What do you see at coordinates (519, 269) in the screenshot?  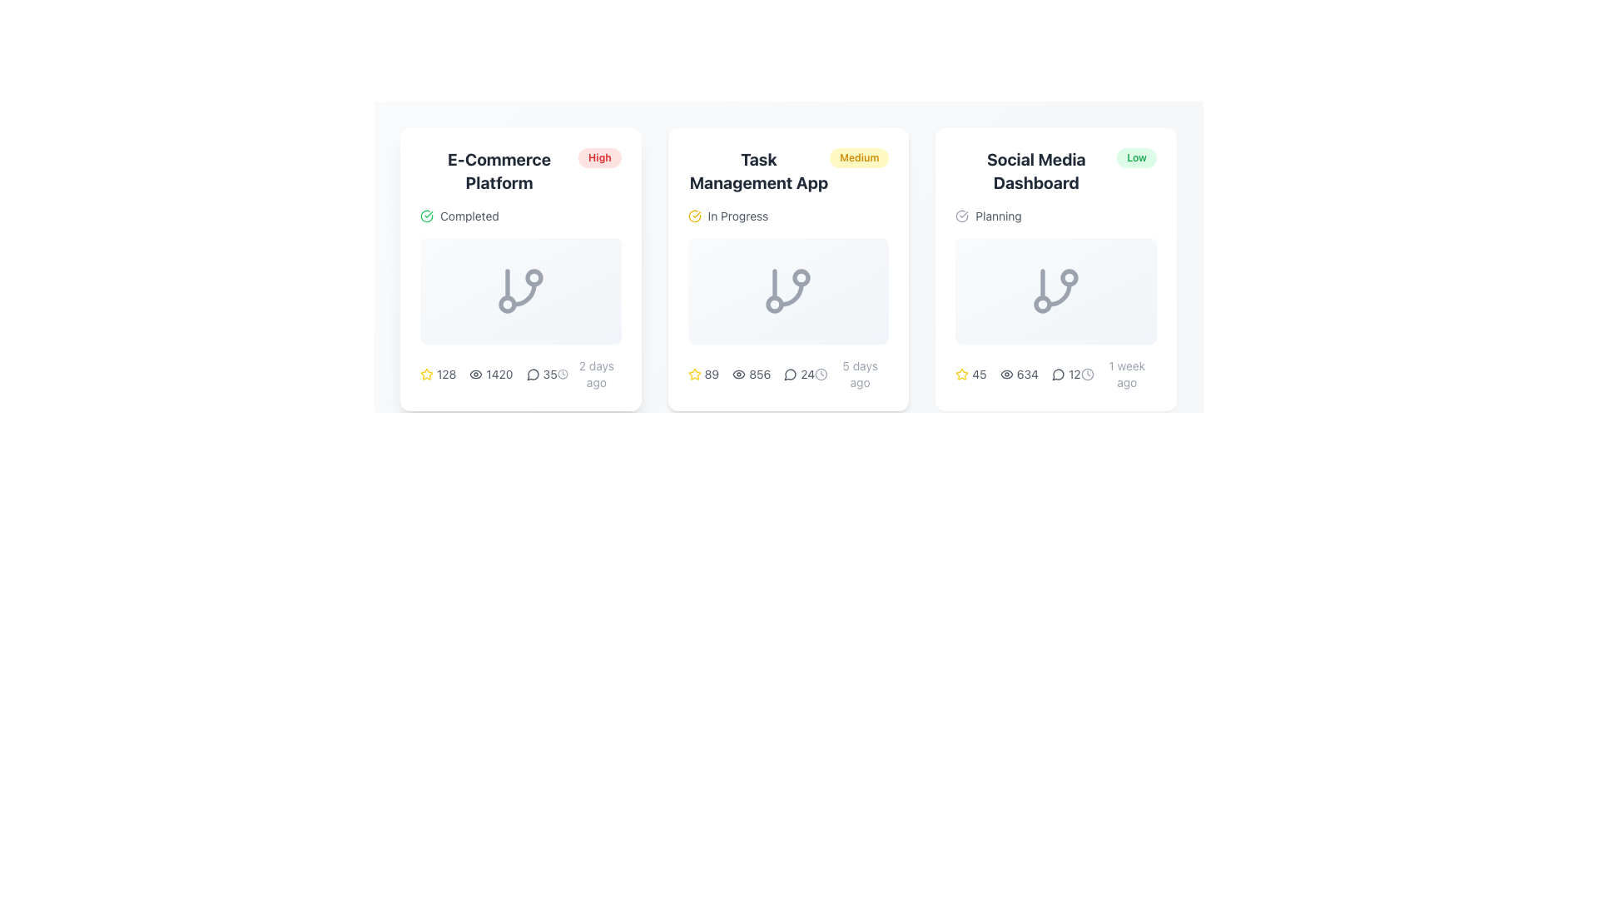 I see `the first Information card` at bounding box center [519, 269].